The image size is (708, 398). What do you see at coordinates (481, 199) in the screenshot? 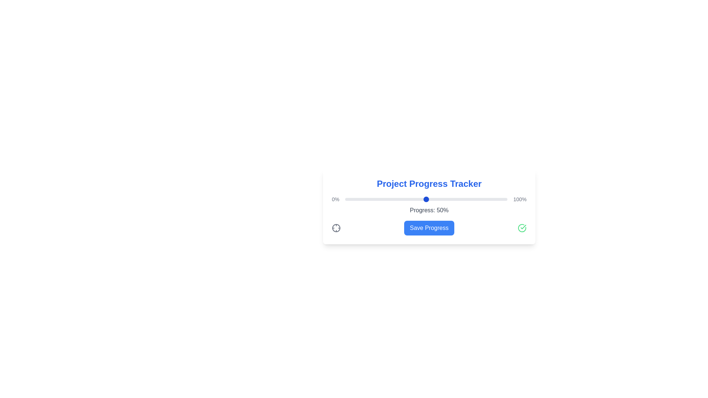
I see `the slider to set the progress value to 84` at bounding box center [481, 199].